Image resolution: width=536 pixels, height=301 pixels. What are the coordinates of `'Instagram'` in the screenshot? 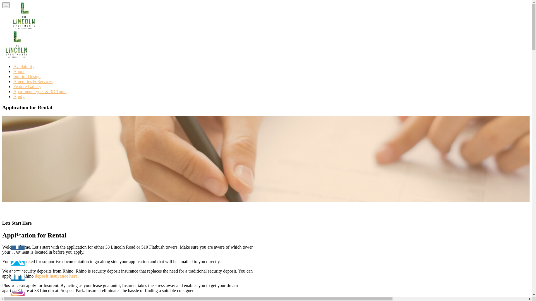 It's located at (17, 288).